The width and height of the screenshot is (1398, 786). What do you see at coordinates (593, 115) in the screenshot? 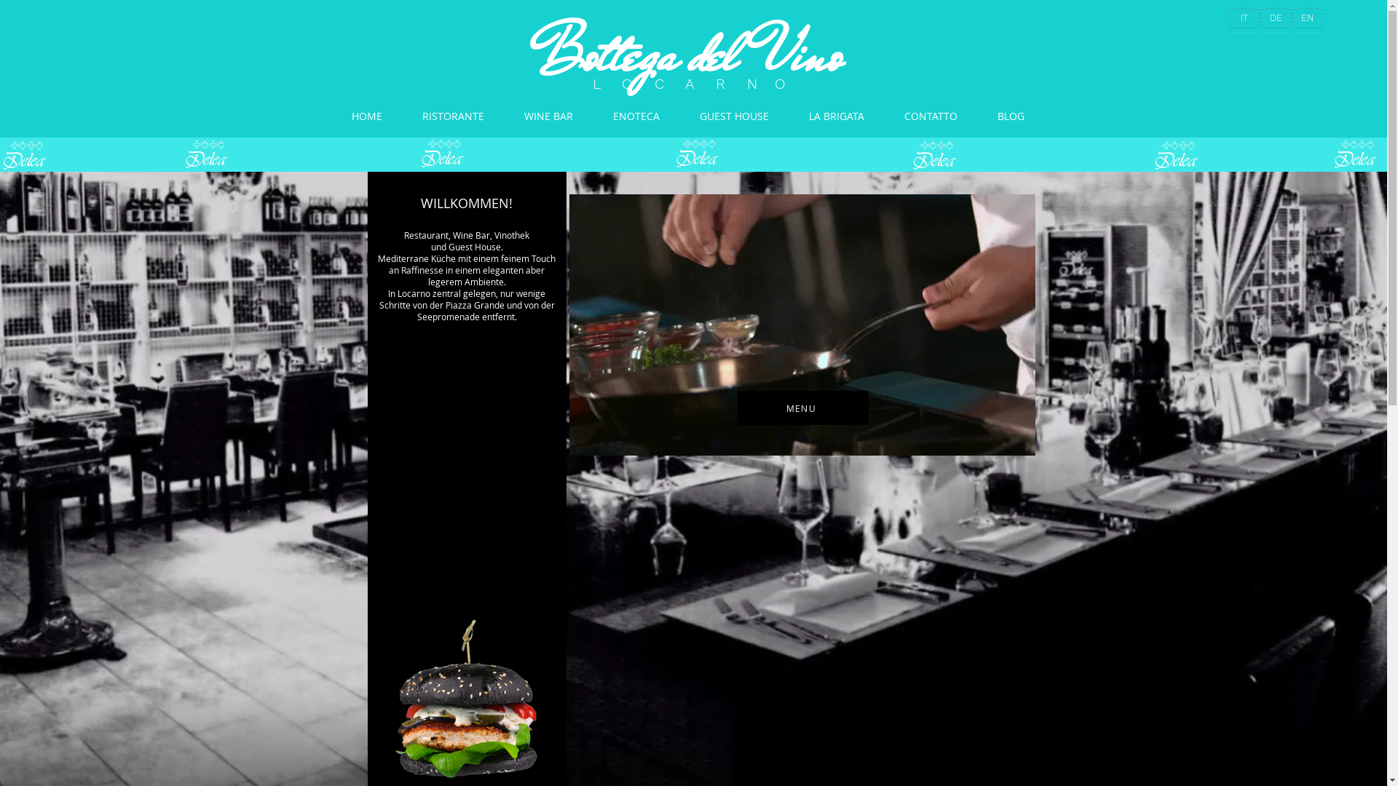
I see `'ENOTECA'` at bounding box center [593, 115].